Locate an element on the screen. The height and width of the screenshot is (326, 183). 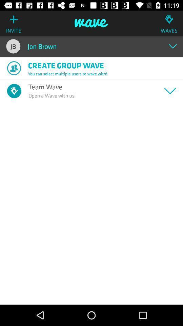
icon to the right of invite icon is located at coordinates (91, 23).